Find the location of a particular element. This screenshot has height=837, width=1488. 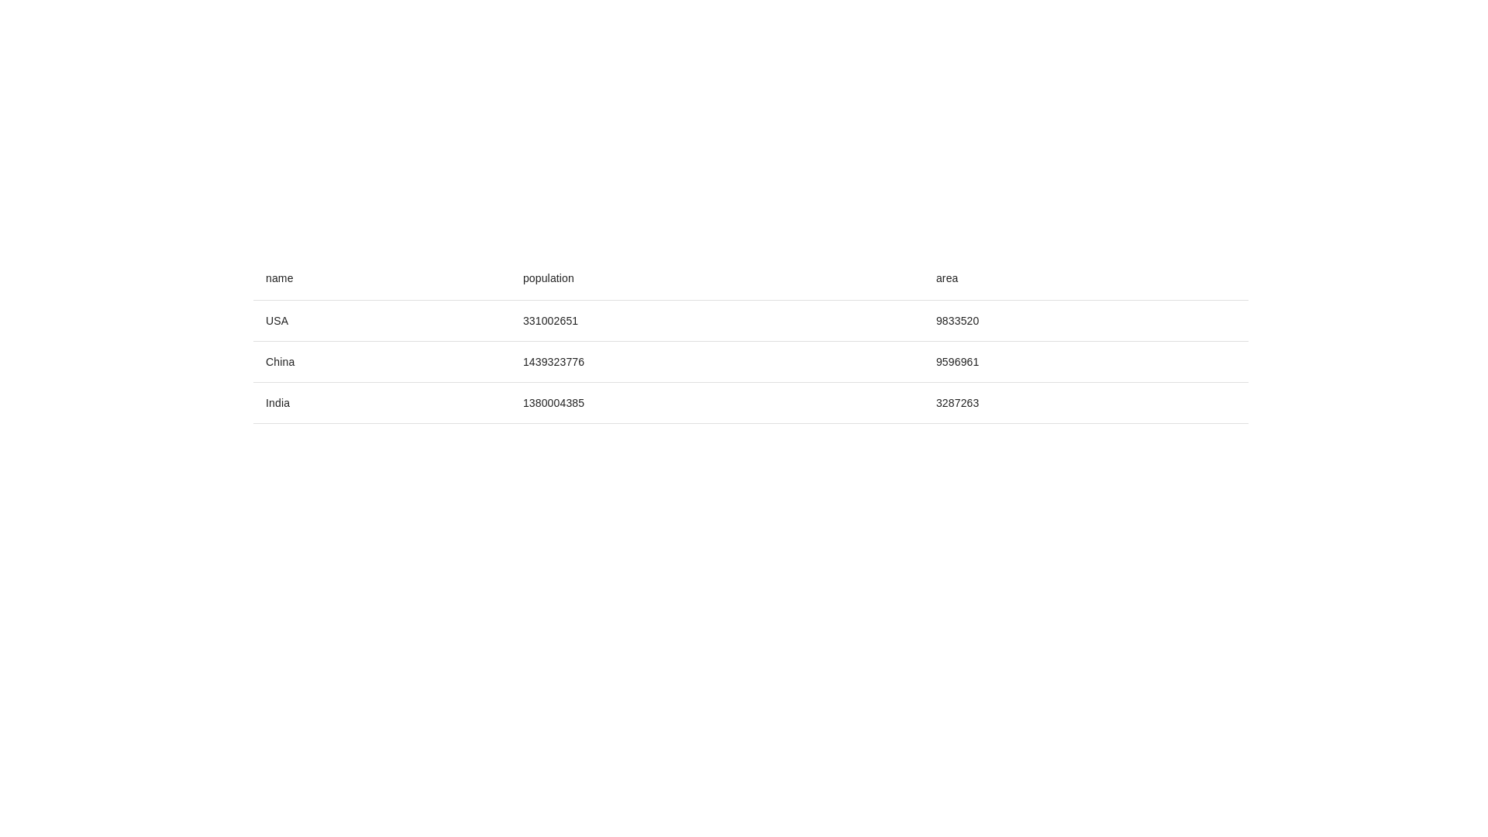

the table cell displaying the country name 'India', which is the first cell in the leftmost column of a data table is located at coordinates (381, 402).